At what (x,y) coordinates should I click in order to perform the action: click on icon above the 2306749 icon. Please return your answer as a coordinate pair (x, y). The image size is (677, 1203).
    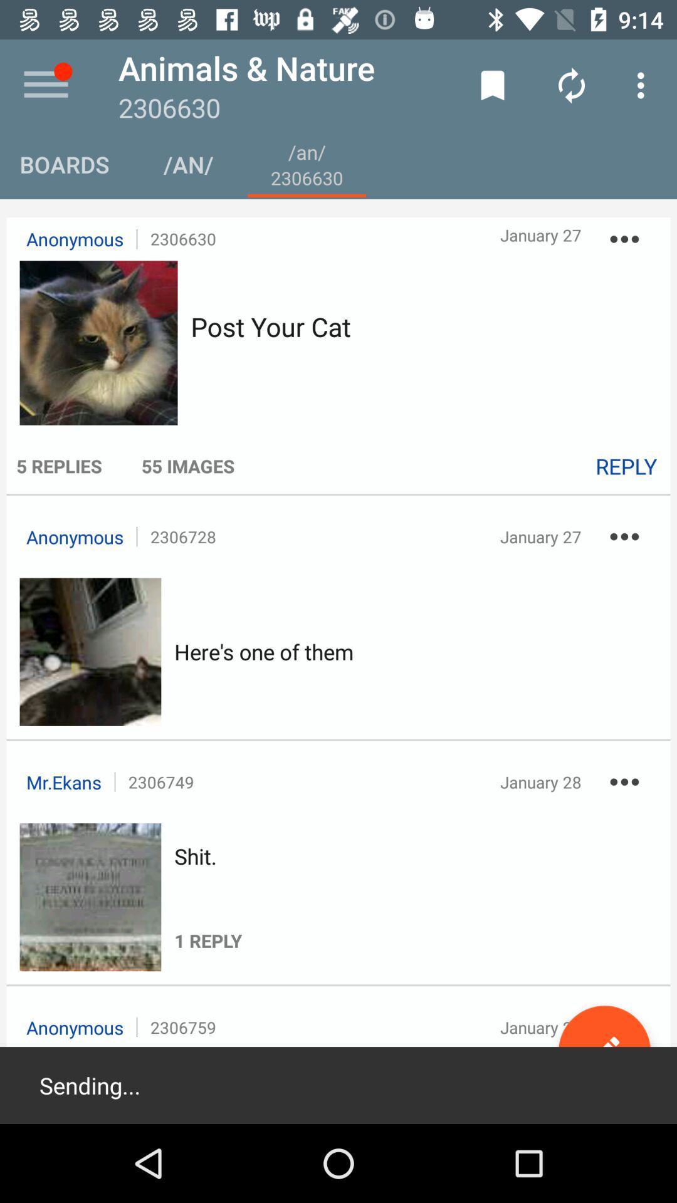
    Looking at the image, I should click on (263, 652).